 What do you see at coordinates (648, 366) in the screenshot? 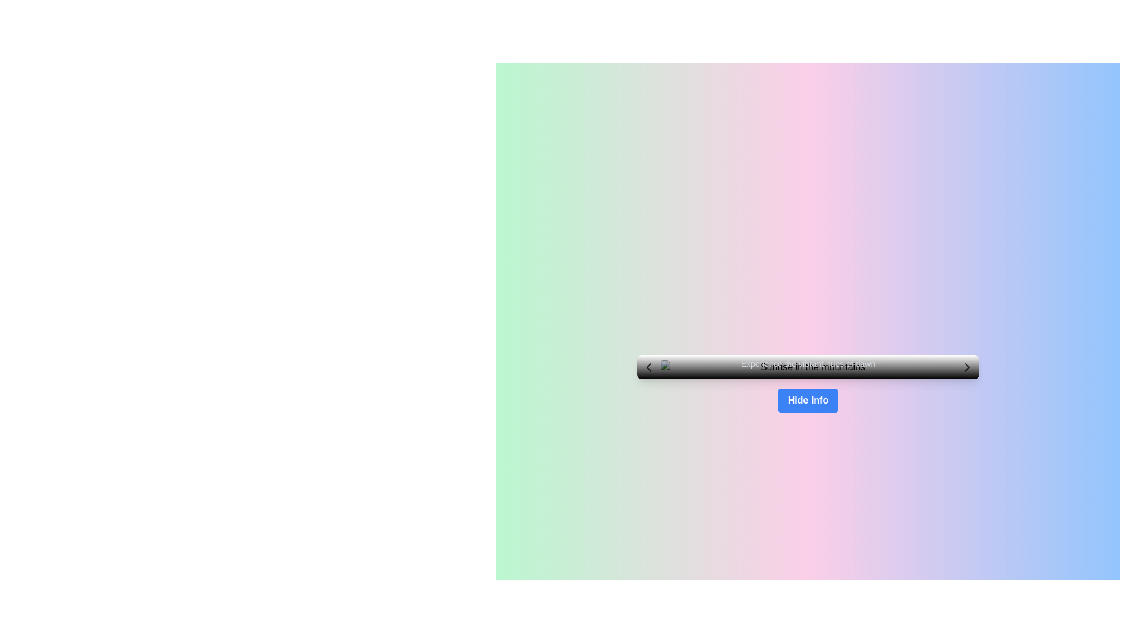
I see `the navigation button located on the left side of the horizontal control bar, adjacent to the text displaying 'Sunrise in the mountains' and 'Experience the vibrant hues of dawn'` at bounding box center [648, 366].